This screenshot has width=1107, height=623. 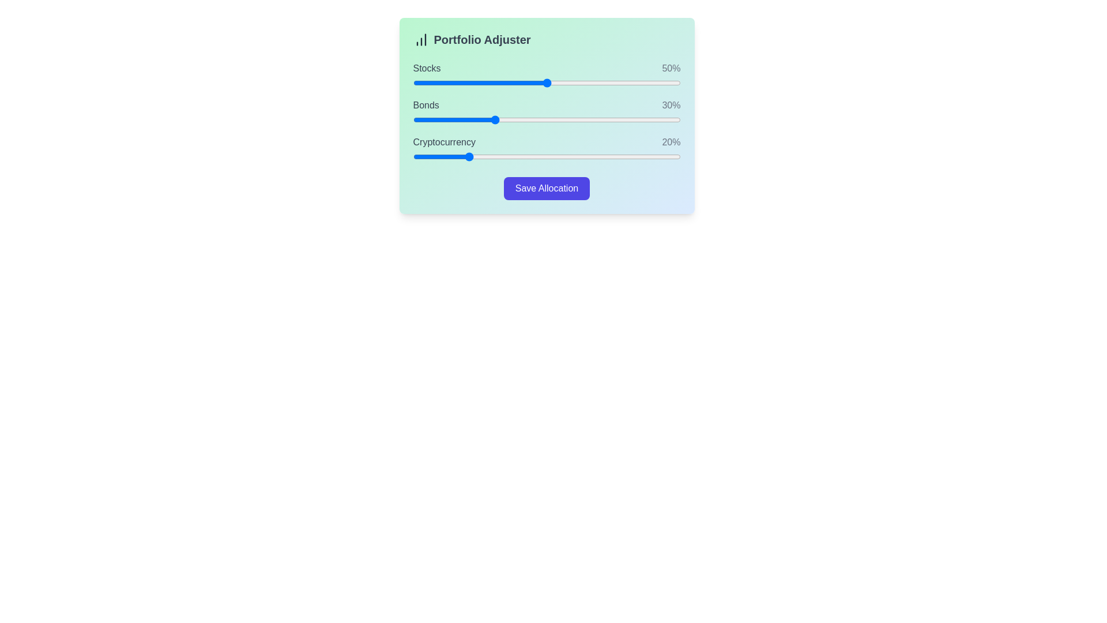 What do you see at coordinates (568, 82) in the screenshot?
I see `the 'Stocks' slider to 58%` at bounding box center [568, 82].